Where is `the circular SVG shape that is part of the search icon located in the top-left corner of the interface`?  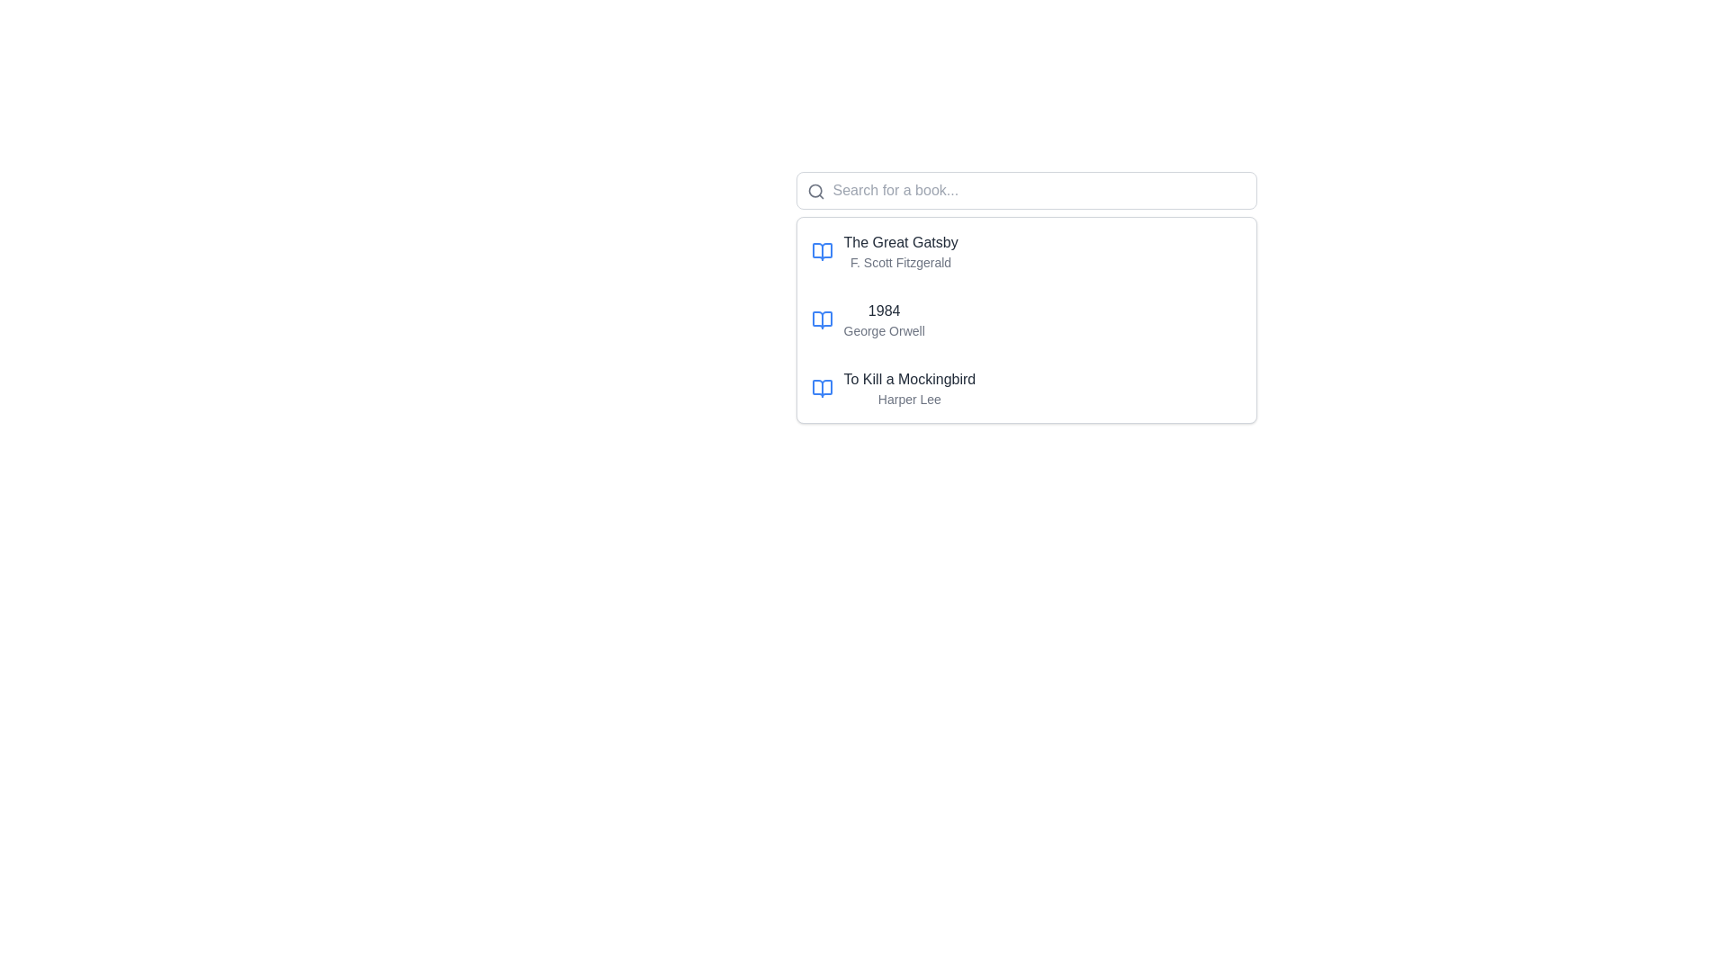 the circular SVG shape that is part of the search icon located in the top-left corner of the interface is located at coordinates (814, 191).